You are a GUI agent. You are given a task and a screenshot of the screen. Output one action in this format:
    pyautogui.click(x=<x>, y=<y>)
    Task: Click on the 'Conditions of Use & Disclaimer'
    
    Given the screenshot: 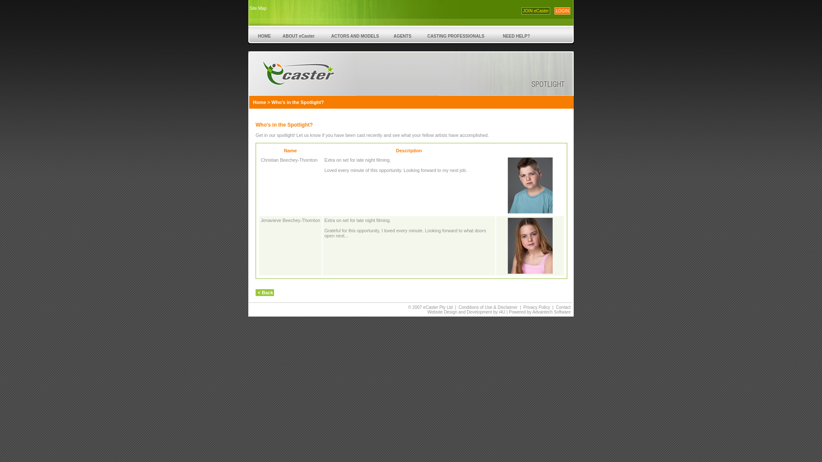 What is the action you would take?
    pyautogui.click(x=488, y=307)
    